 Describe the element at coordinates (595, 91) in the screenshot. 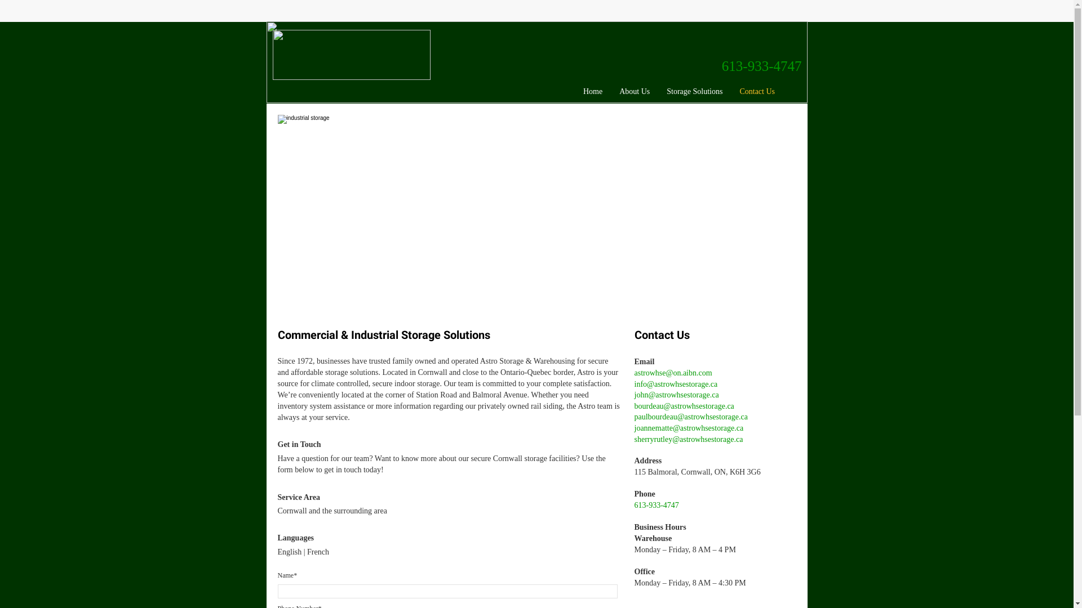

I see `'Home'` at that location.